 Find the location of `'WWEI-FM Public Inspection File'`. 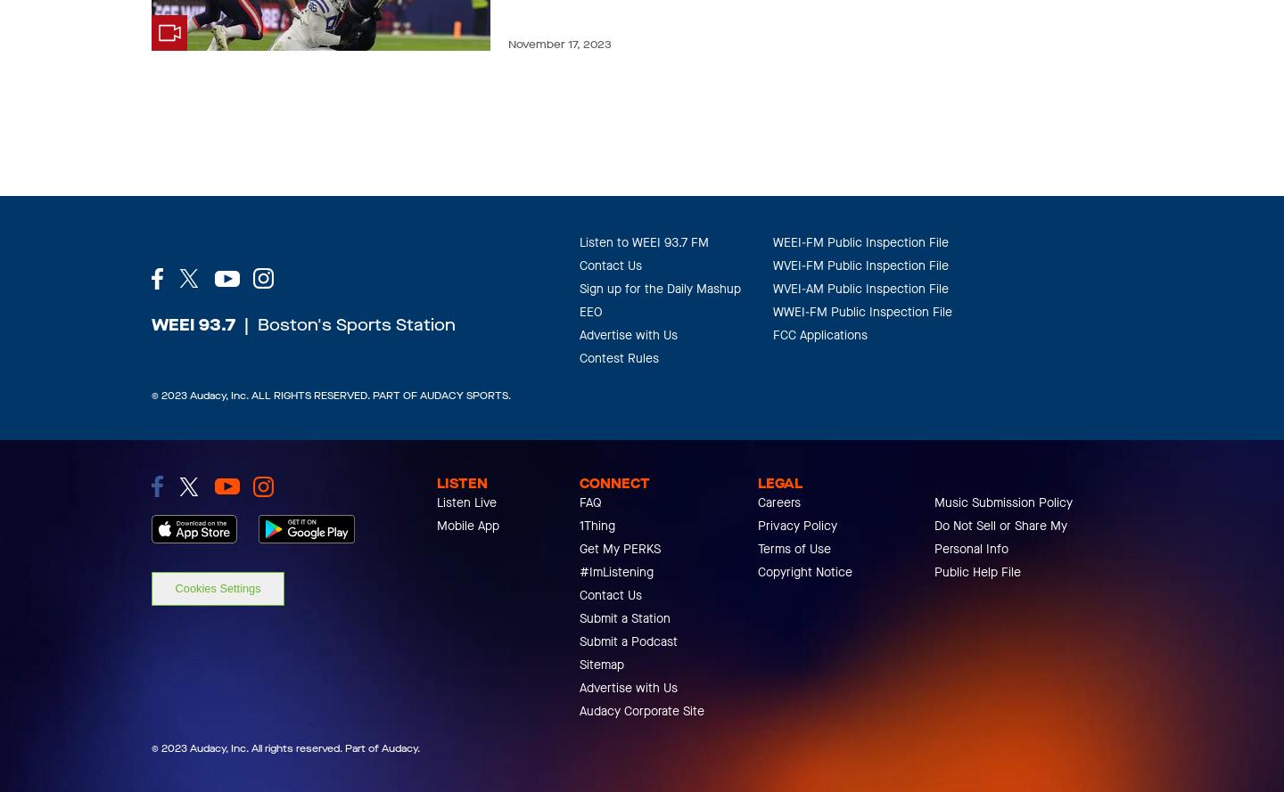

'WWEI-FM Public Inspection File' is located at coordinates (861, 311).